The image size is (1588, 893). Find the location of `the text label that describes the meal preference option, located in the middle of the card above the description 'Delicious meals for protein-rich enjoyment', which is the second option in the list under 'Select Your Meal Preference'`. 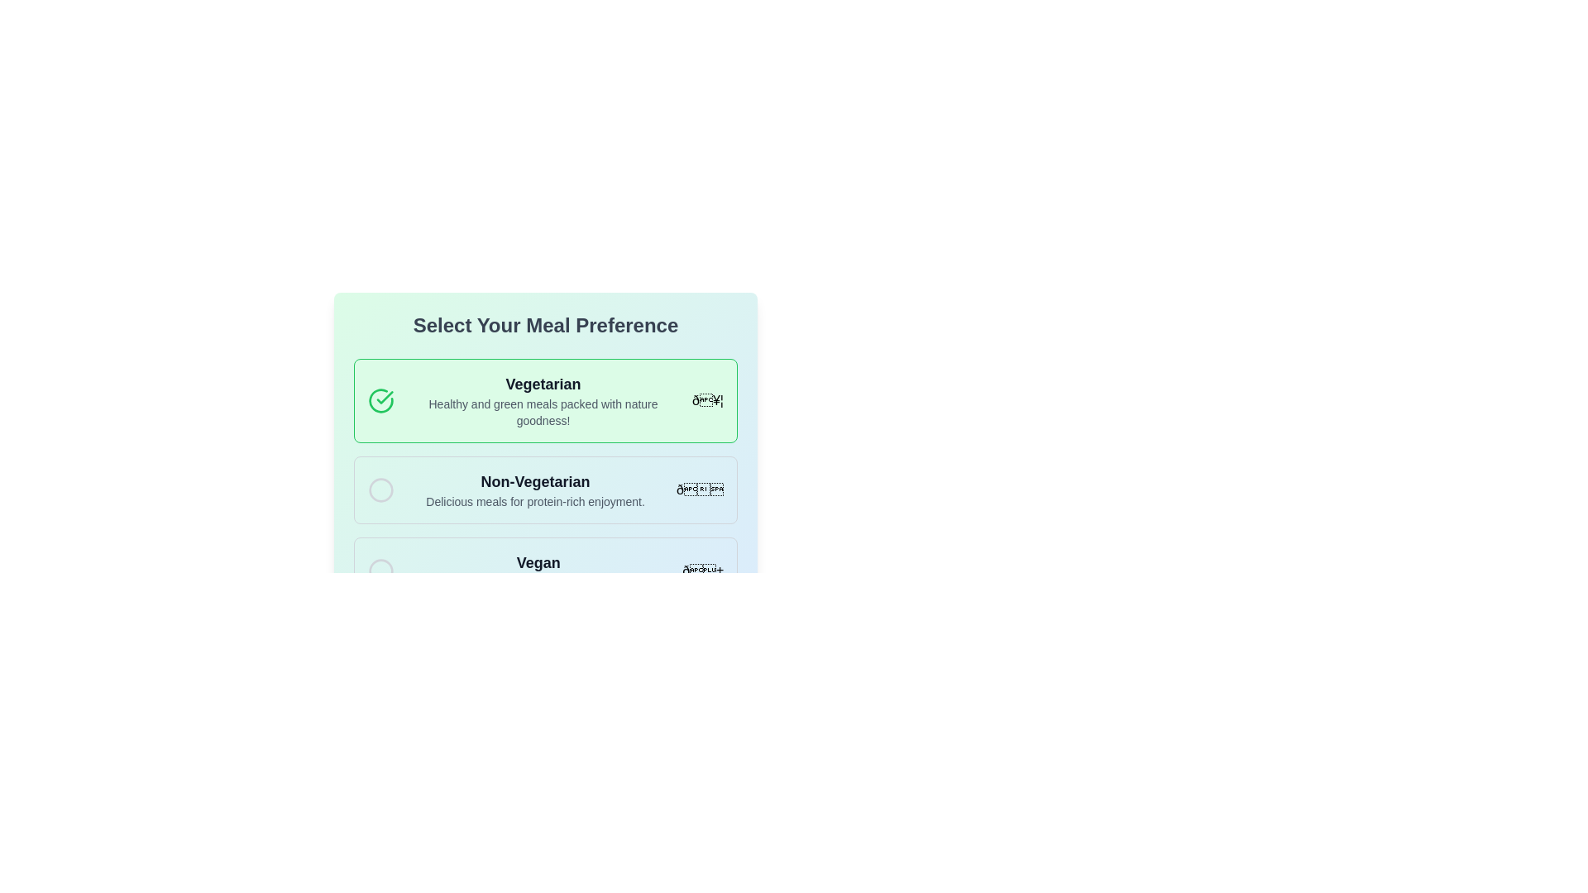

the text label that describes the meal preference option, located in the middle of the card above the description 'Delicious meals for protein-rich enjoyment', which is the second option in the list under 'Select Your Meal Preference' is located at coordinates (535, 481).